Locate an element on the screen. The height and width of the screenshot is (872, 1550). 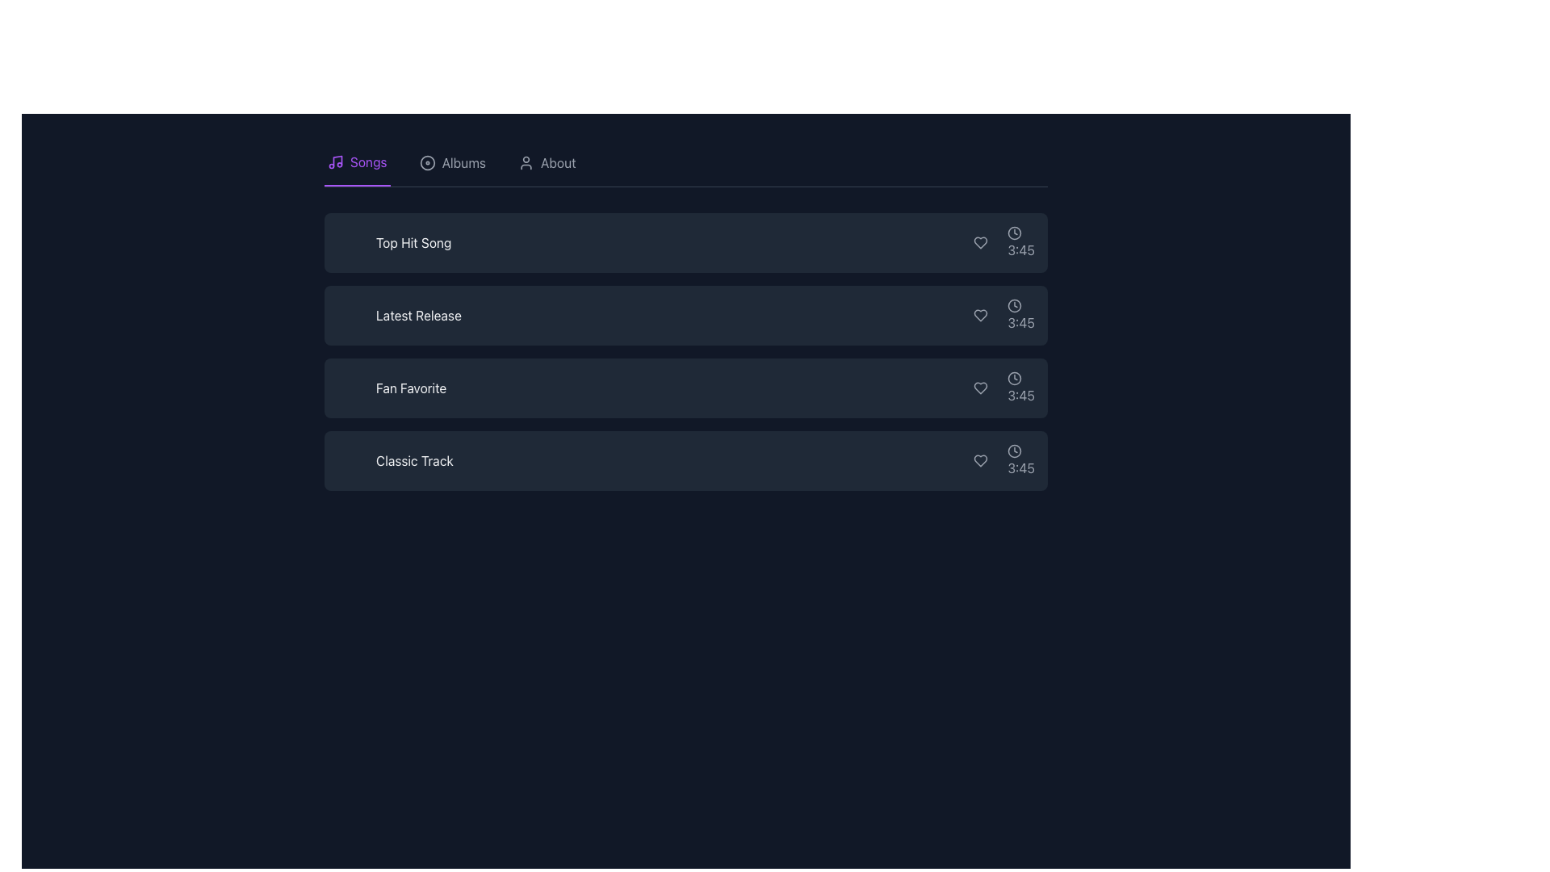
the heart-shaped outline icon is located at coordinates (980, 388).